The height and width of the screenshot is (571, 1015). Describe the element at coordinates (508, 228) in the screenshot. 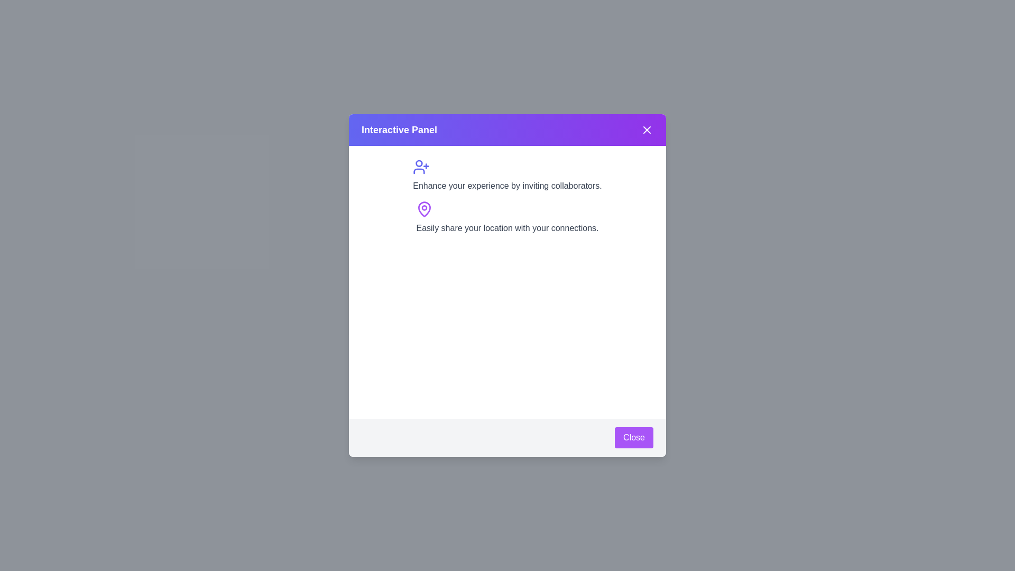

I see `the text label that reads 'Easily share your location with your connections.', which is styled in gray and located below the purple map pin icon in the dialog panel` at that location.